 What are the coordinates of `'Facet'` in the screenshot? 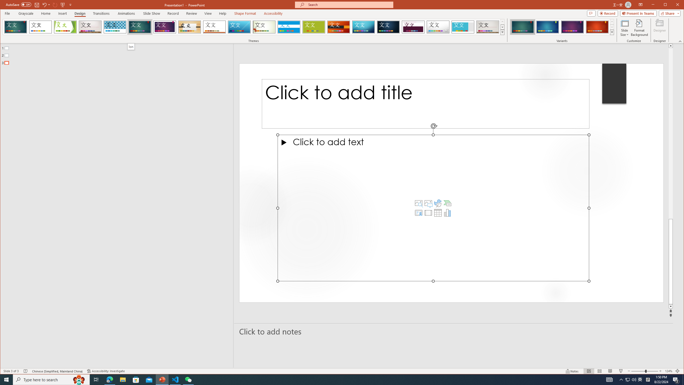 It's located at (65, 27).